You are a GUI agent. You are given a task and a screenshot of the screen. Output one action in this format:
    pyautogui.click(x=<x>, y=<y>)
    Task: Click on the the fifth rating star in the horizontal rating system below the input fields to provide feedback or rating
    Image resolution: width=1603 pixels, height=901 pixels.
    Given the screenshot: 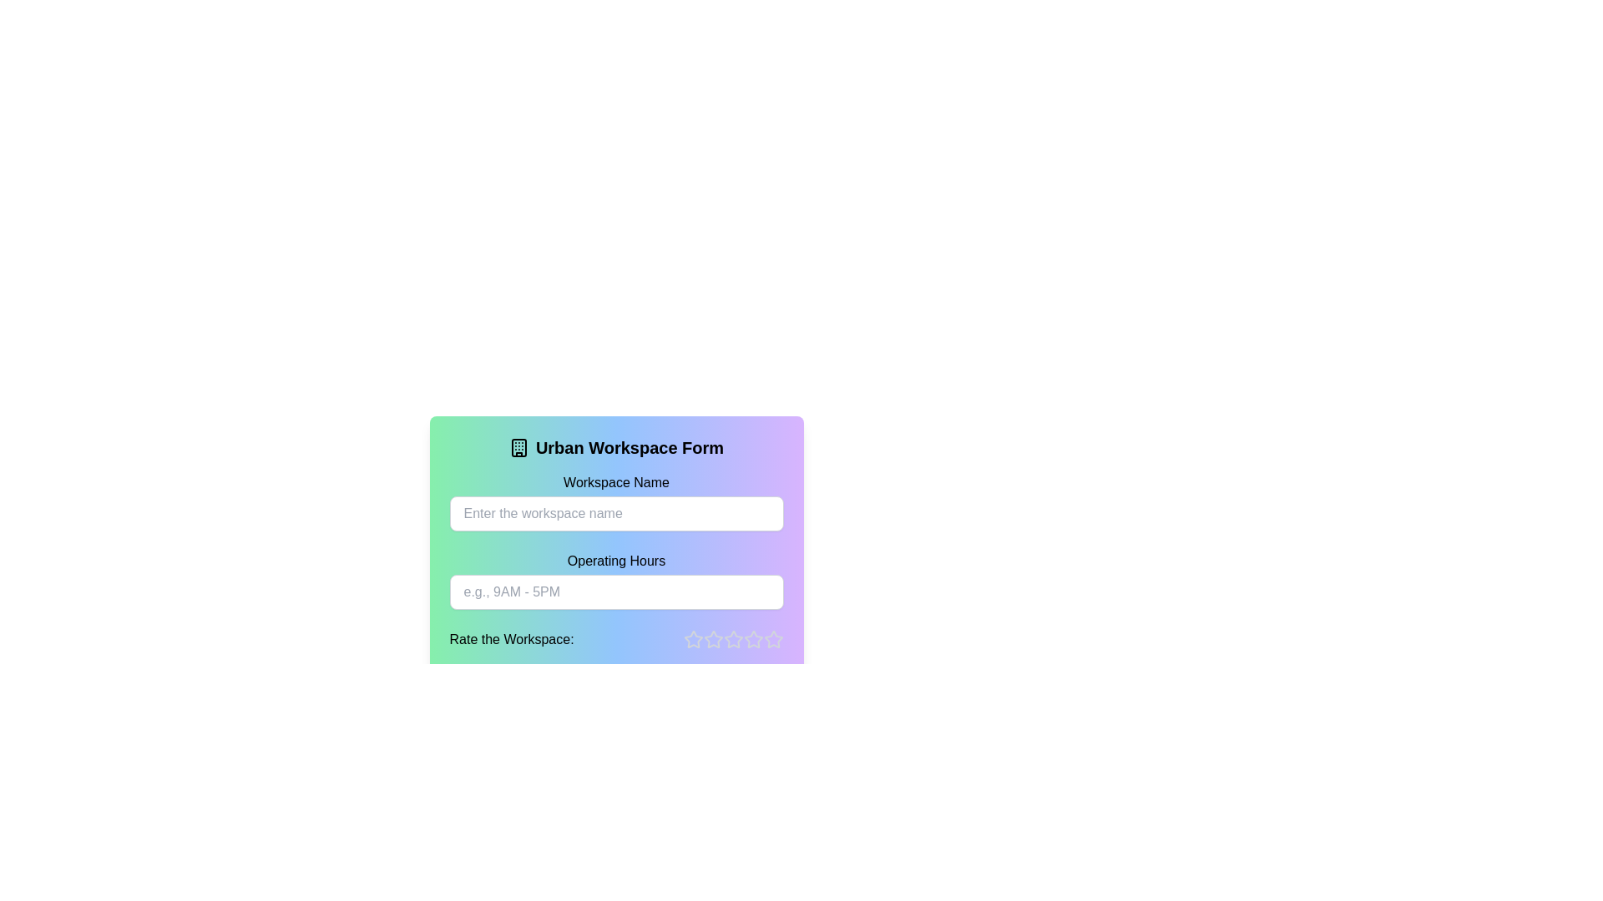 What is the action you would take?
    pyautogui.click(x=772, y=638)
    